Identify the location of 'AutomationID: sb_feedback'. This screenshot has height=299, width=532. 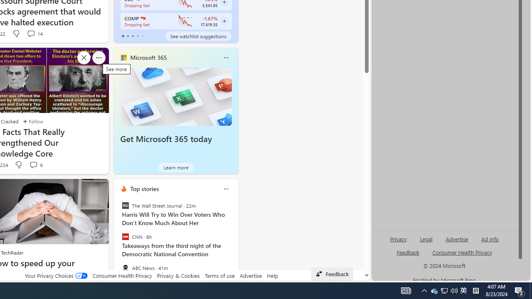
(408, 252).